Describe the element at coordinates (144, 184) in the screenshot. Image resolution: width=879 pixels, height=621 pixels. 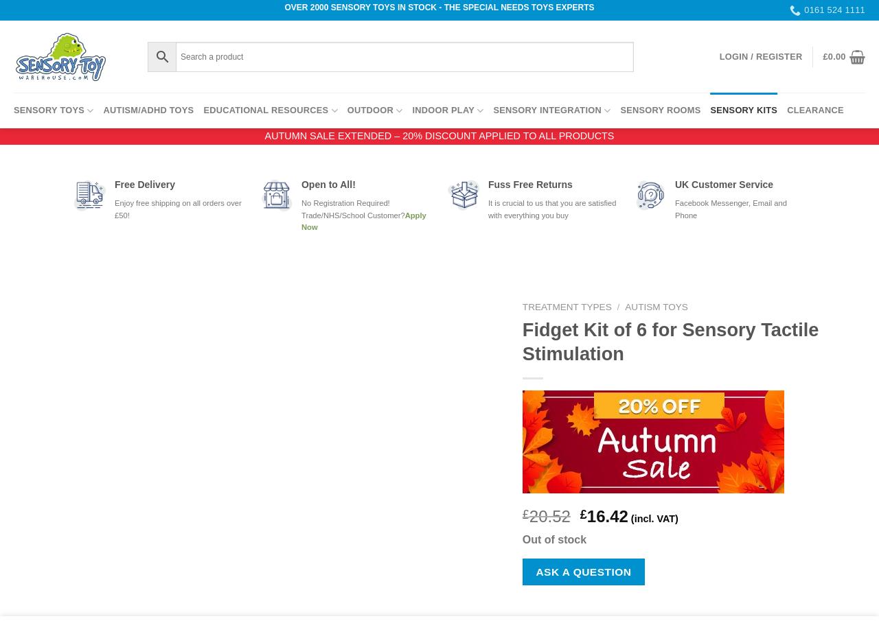
I see `'Free Delivery'` at that location.